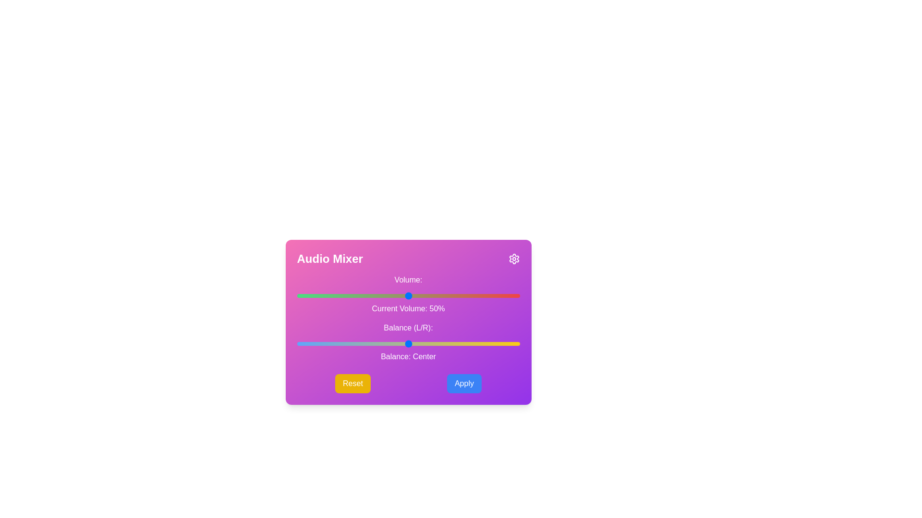  What do you see at coordinates (491, 343) in the screenshot?
I see `the balance slider to set the balance to 37 where balance is a value between -50 and 50` at bounding box center [491, 343].